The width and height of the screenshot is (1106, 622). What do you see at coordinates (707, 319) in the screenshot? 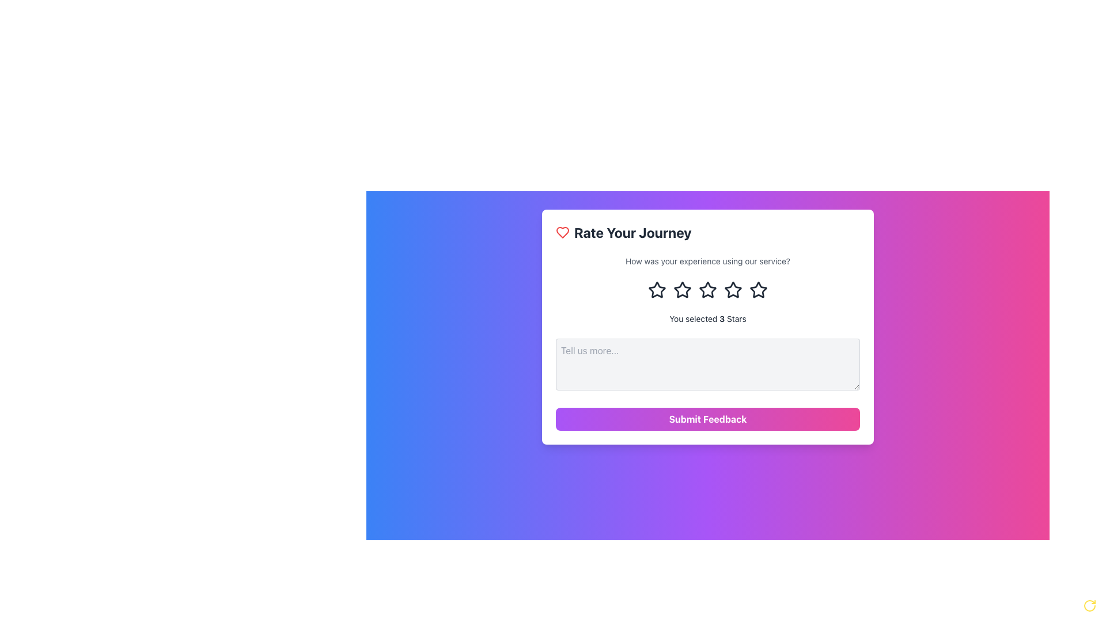
I see `the static text display component that shows the message 'You selected 3 Stars', positioned below the star icons in the feedback form` at bounding box center [707, 319].